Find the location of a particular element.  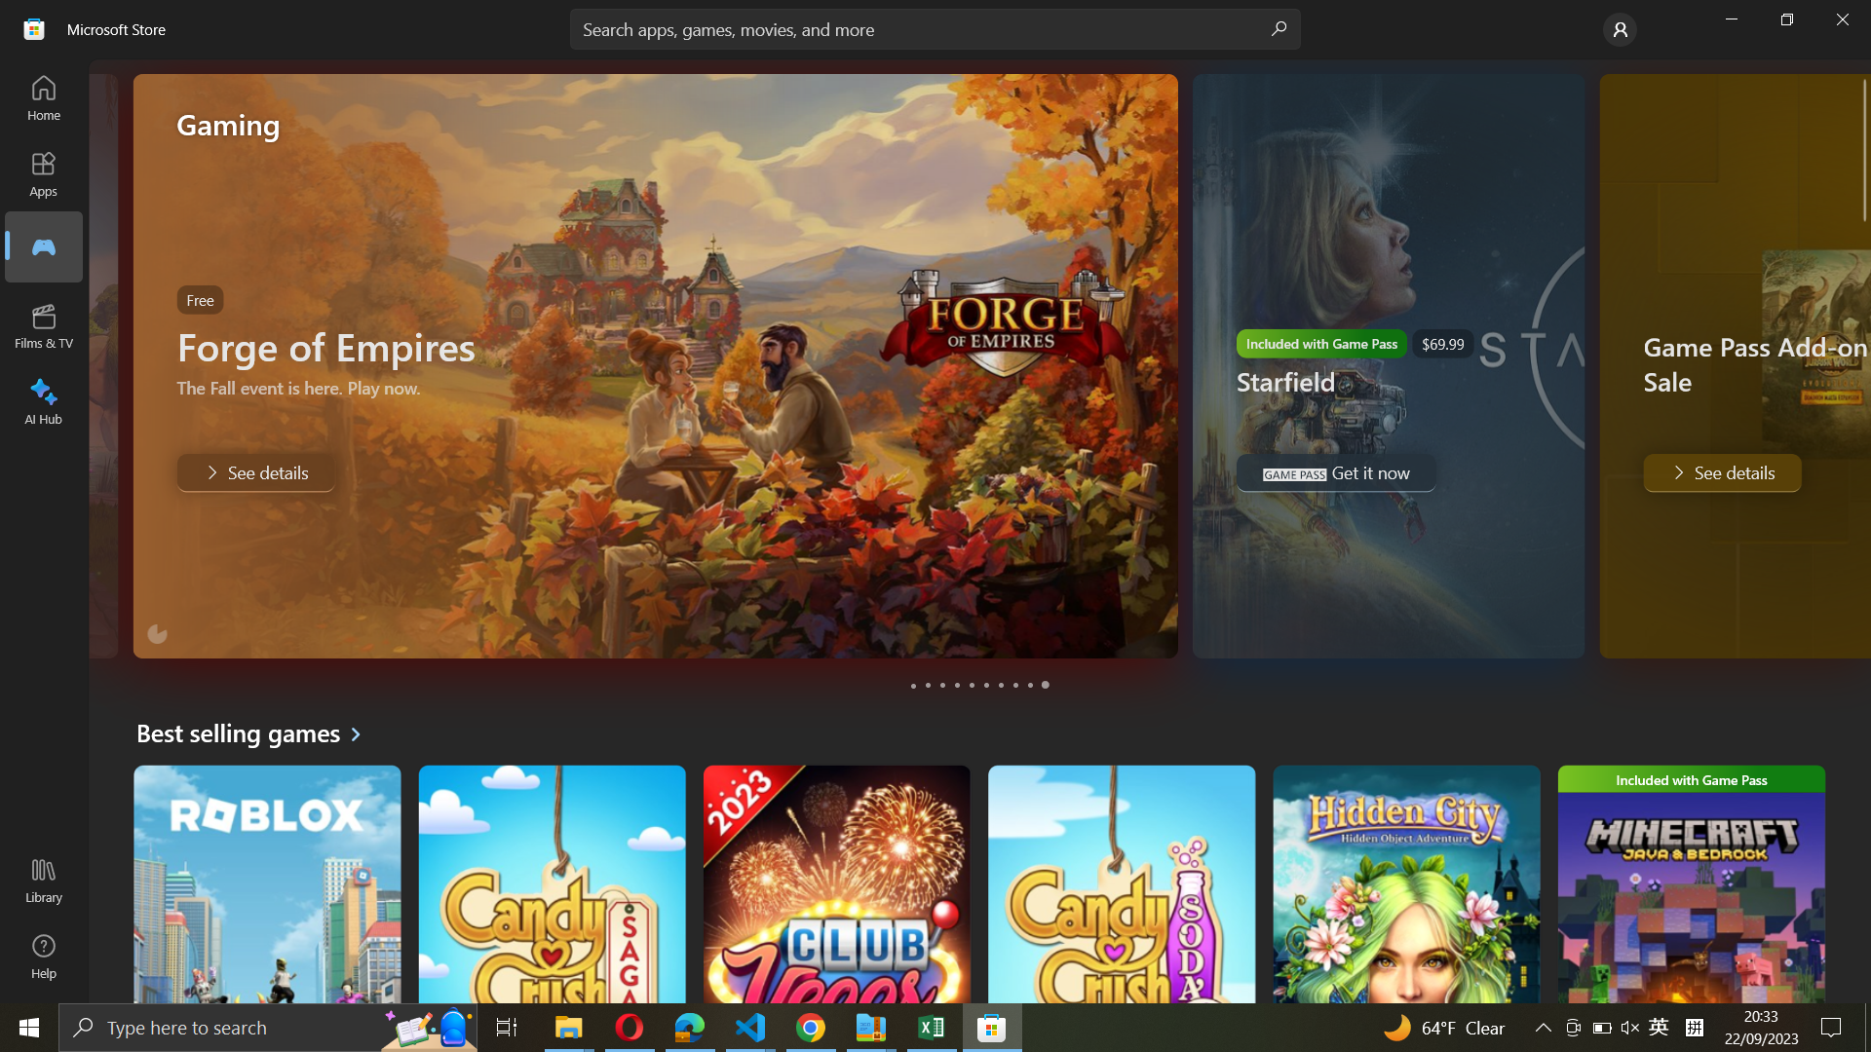

the "Help" section in the menu is located at coordinates (42, 957).